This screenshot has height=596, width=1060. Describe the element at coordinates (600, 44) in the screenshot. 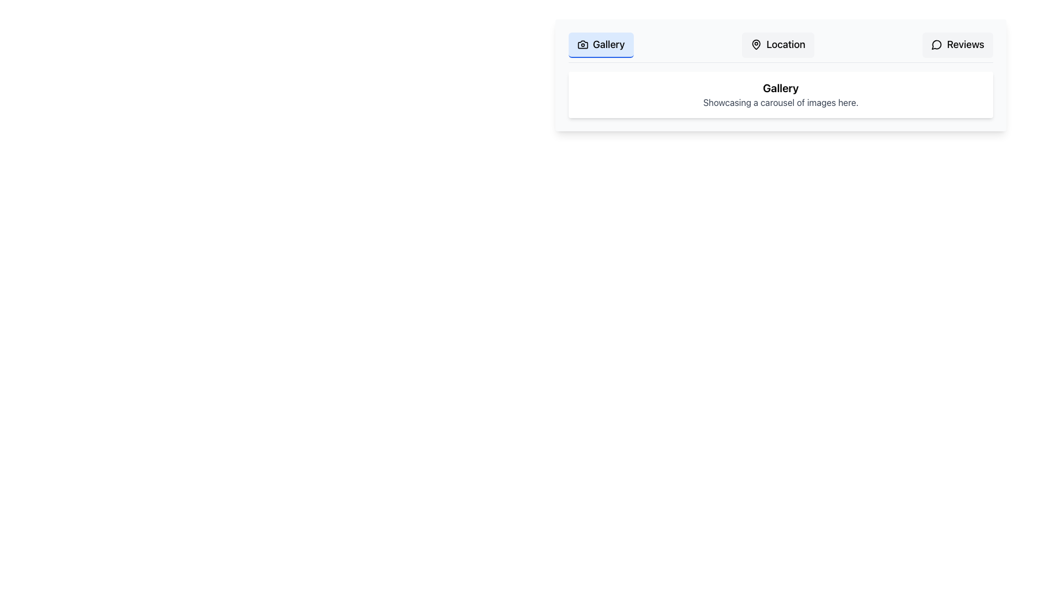

I see `the Tab button located at the top of the section, which is the first button among three` at that location.